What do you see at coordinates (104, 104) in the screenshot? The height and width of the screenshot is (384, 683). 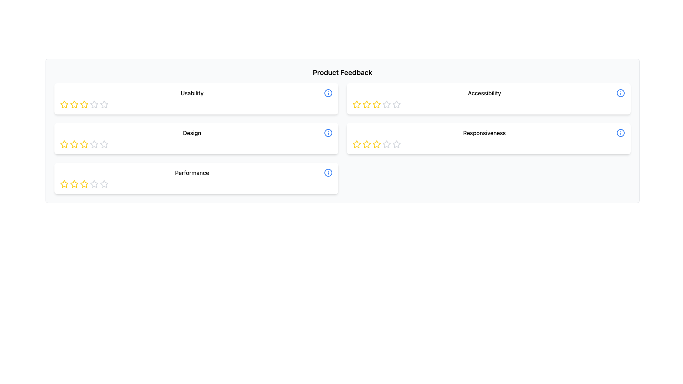 I see `the third star in the five-star rating system for the 'Usability' category` at bounding box center [104, 104].